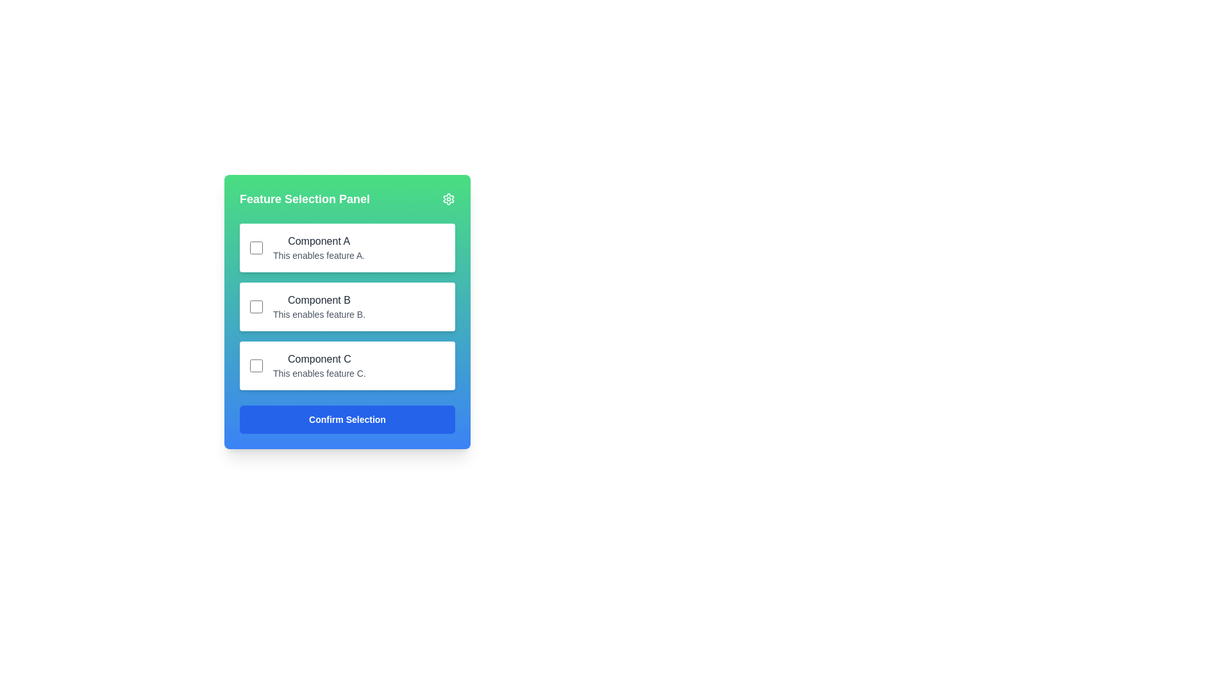  Describe the element at coordinates (348, 306) in the screenshot. I see `the 'Component B' selectable item section` at that location.